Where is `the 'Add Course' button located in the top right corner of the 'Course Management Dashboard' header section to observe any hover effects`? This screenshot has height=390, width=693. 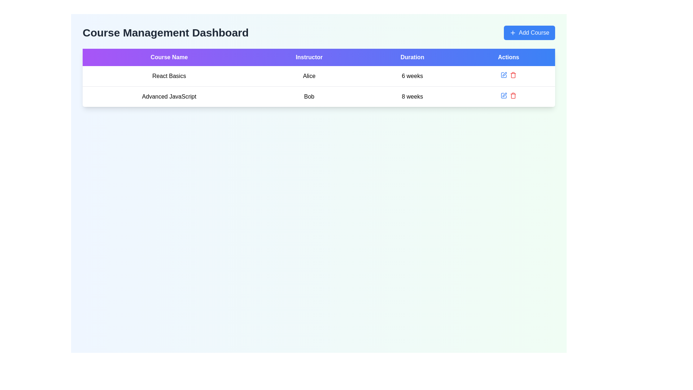 the 'Add Course' button located in the top right corner of the 'Course Management Dashboard' header section to observe any hover effects is located at coordinates (529, 33).